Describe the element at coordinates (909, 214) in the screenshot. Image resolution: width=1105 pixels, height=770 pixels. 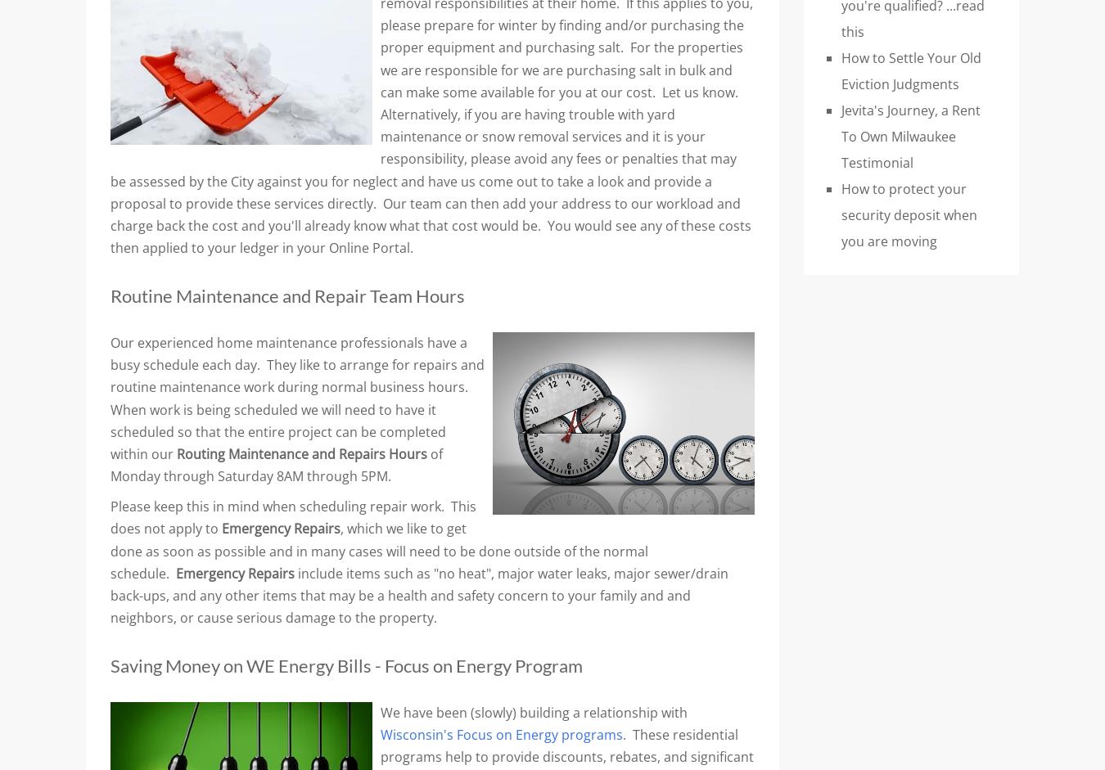
I see `'How to protect your security deposit when you are moving'` at that location.